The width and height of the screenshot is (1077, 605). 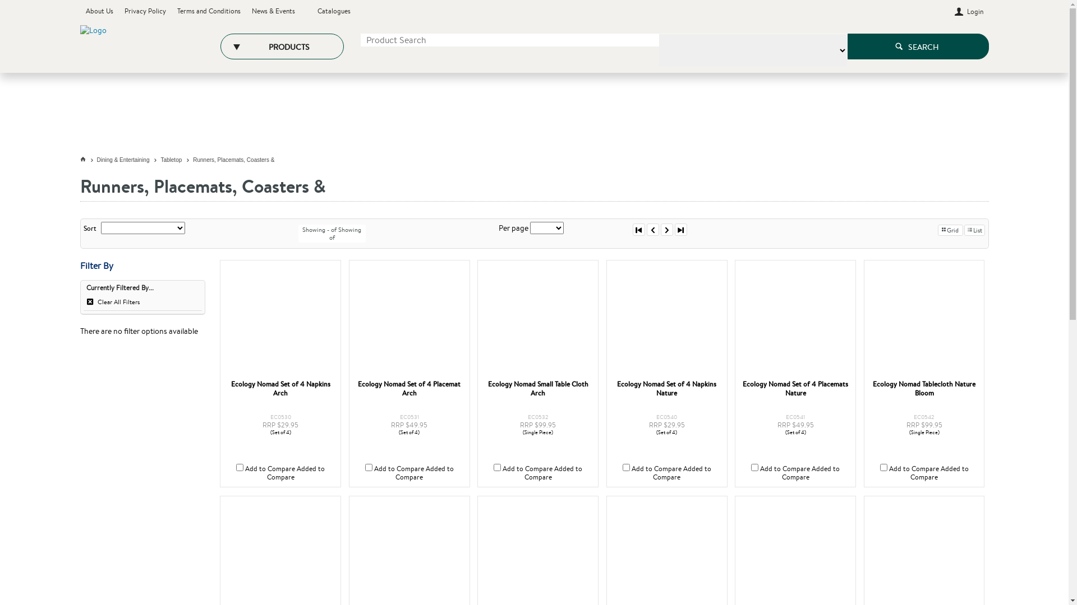 What do you see at coordinates (914, 468) in the screenshot?
I see `'Add to Compare'` at bounding box center [914, 468].